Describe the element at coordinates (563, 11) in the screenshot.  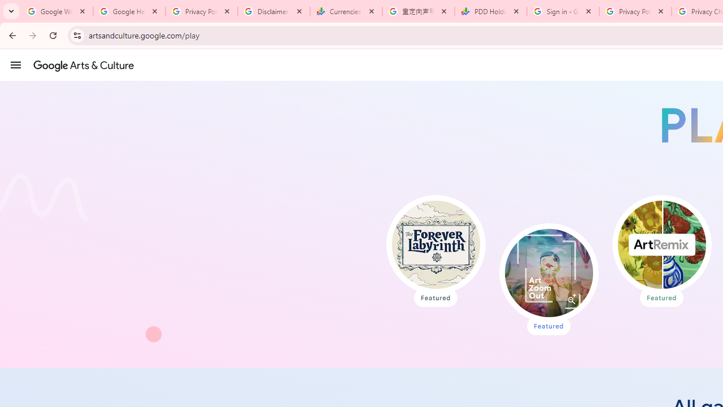
I see `'Sign in - Google Accounts'` at that location.